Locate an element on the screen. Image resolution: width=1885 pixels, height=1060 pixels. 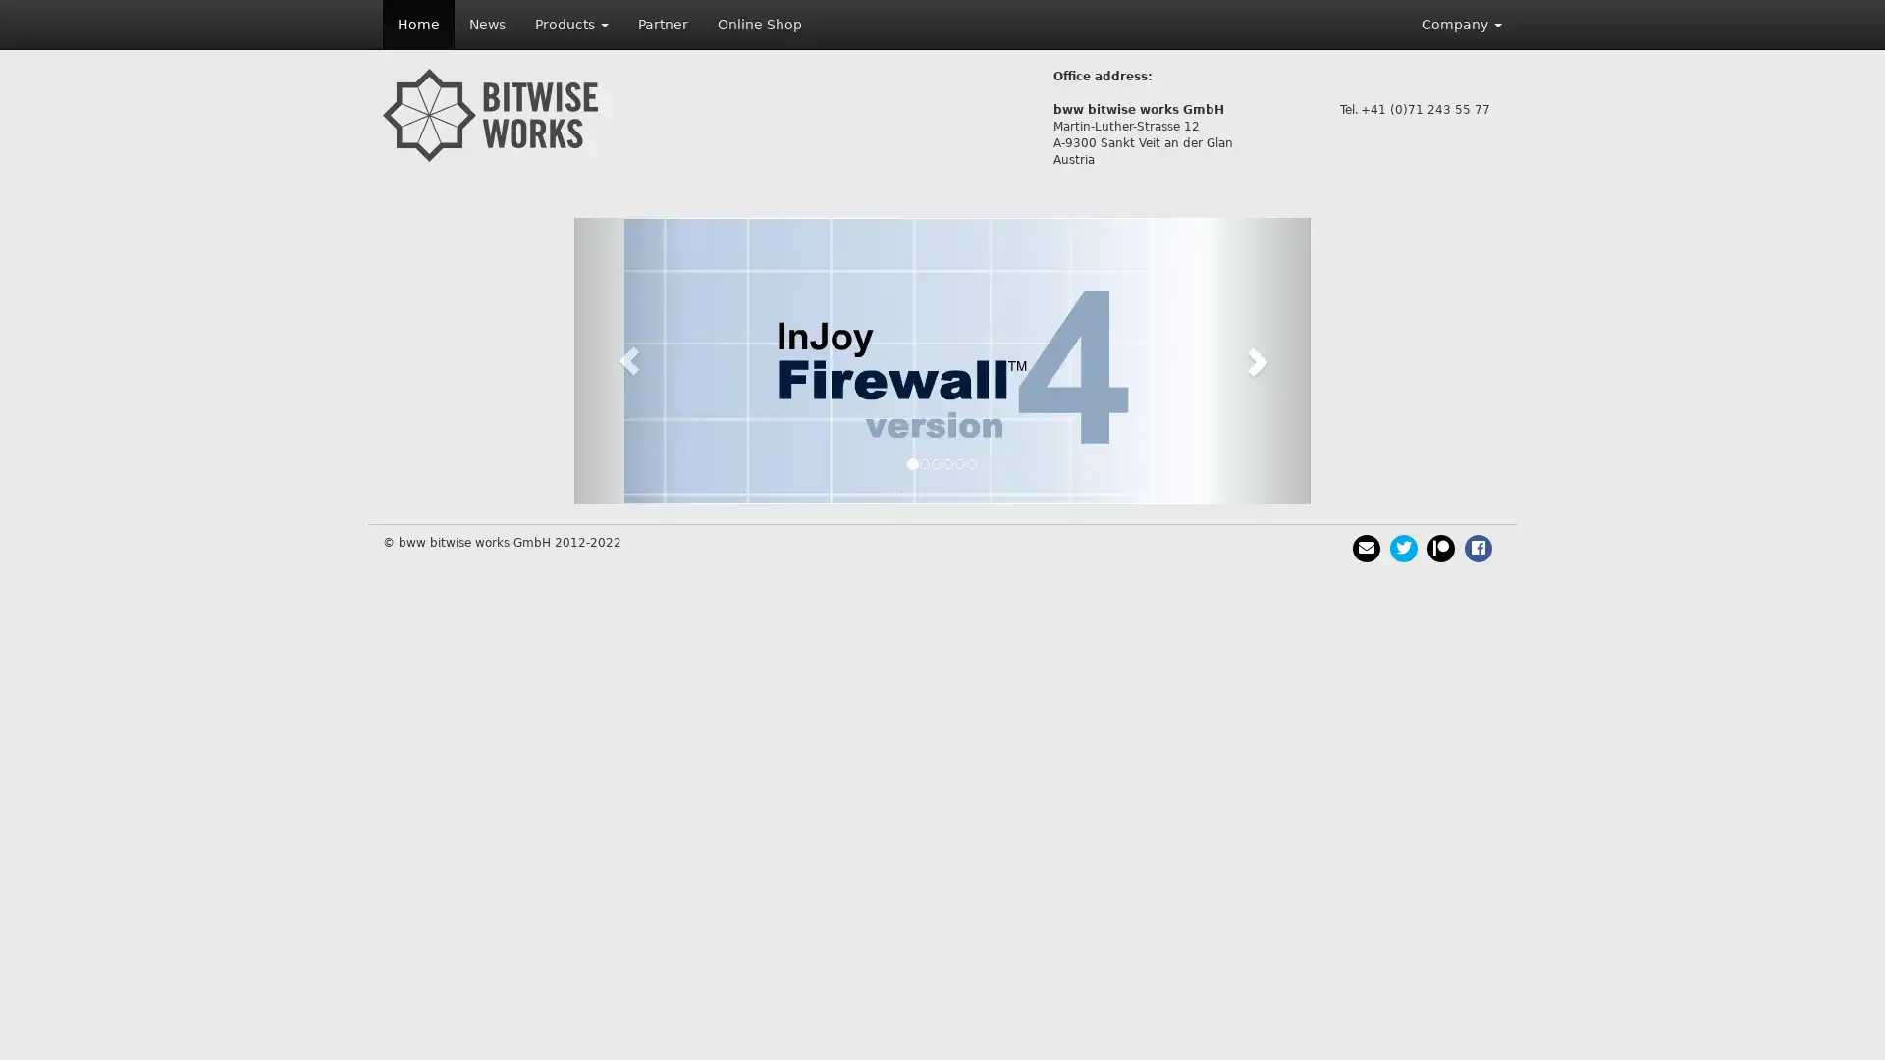
Previous is located at coordinates (629, 360).